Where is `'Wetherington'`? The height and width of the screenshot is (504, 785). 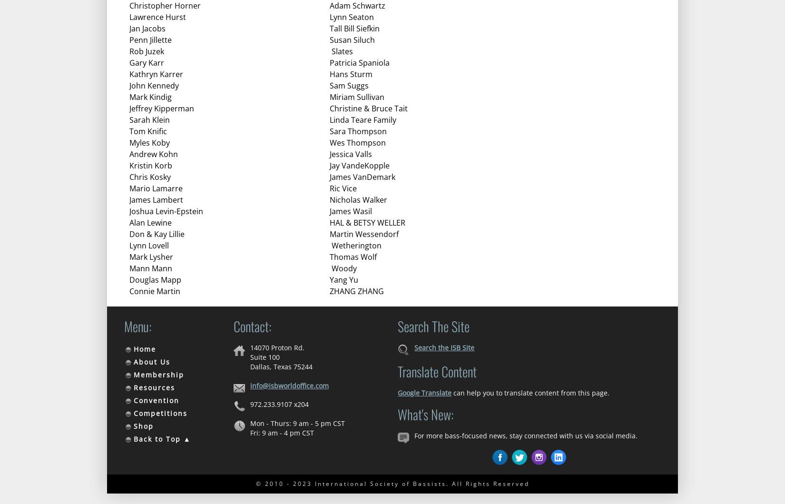
'Wetherington' is located at coordinates (355, 246).